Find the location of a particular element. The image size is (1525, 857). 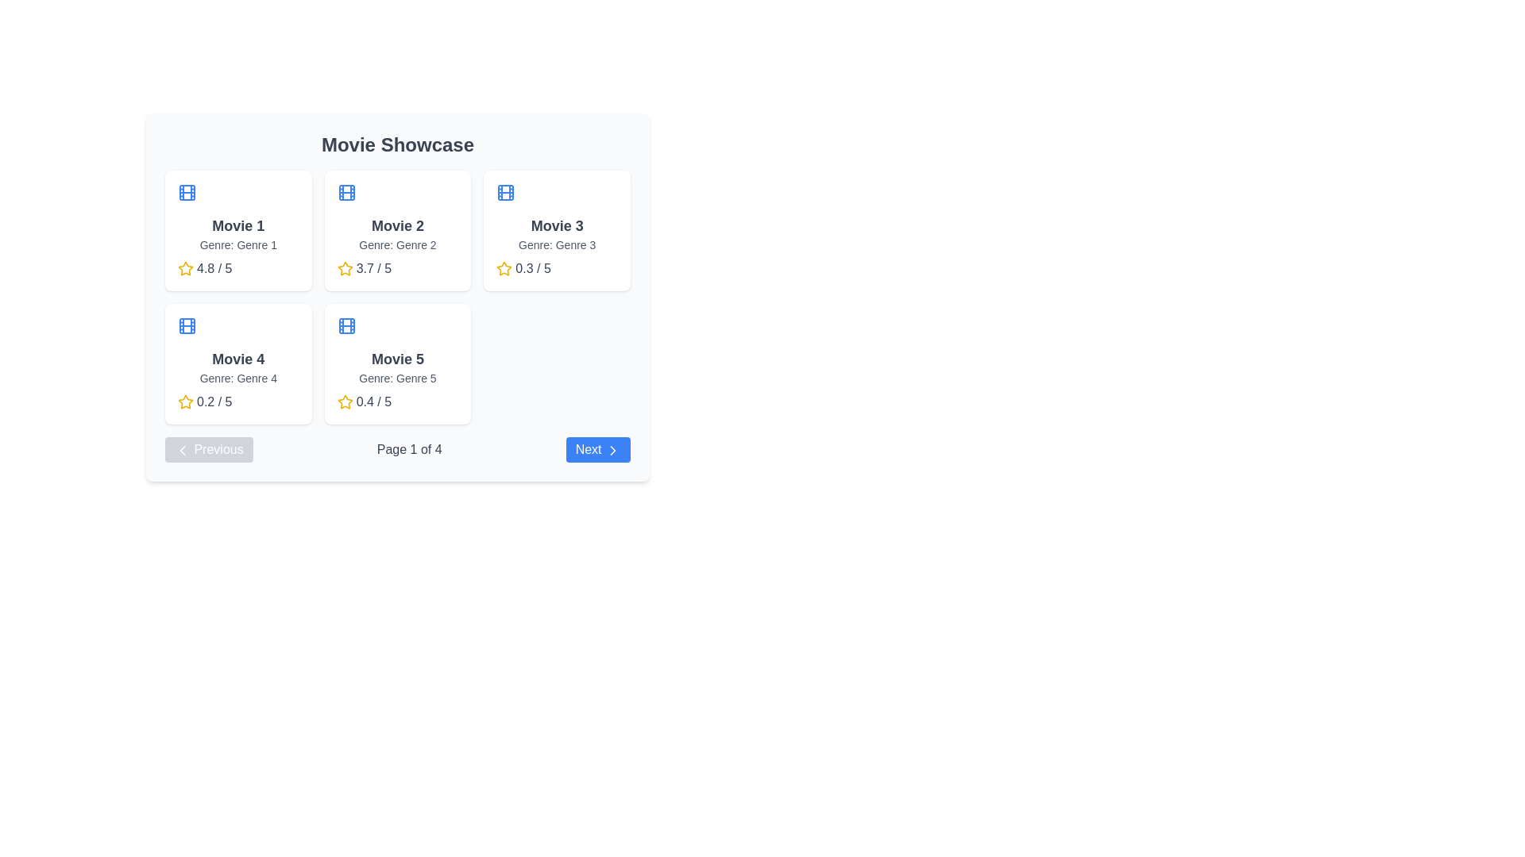

the yellow outlined star icon that represents the first rating for 'Movie 4' to associate it with the rating text is located at coordinates (186, 401).